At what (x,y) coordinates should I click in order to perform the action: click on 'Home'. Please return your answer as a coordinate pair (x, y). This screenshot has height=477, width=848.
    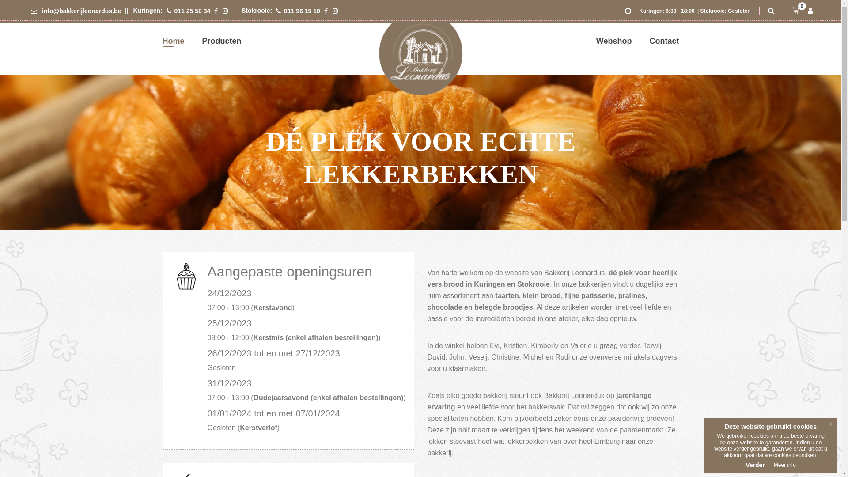
    Looking at the image, I should click on (174, 41).